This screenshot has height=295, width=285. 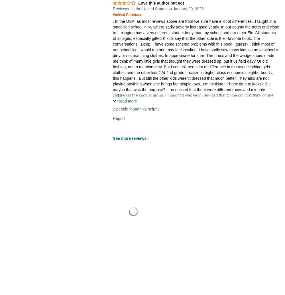 I want to click on '. In the USA, as most reviews above are from we sure have a lot of differences.. I taught in a small tien school in Ky where sadly poverty increased yearly. In our county the north end close to Lexington has a very different student body than my school and our other Ele. All students of all ages, especially gifted K kids say that the other side is their favorite book.  The conversations.. Deep. I have some schema problems with this book I guess? I think most of our school kids would too and may feel insulted. I have sadly saw many kids come to school in dirty or not matching clothes. In appropriate for sure. The dress and the wedge shoes made me think of many little girls that thought they were dressed up, but it us field day? Or old fashion, not to mention dirty. But I couldn't  see a lot of difference in the used clothing girls clothes and the other kids? At 2nd grade I realize in higher class economic neighborhoods, this happens.. But still the other kids weren't dressed that much better. They also are not playing anything when she brings her simple toys.. I'm thinking I Phone time to jacks? But maybe that was the purpose? I too noticed that there were different races and minority children in the snobby group. I thought it was very, very sad that Chloe couldn't think of one kind thing to say about anyone when the teacher uses her illustration. I maybe missing some depth in the authors purpose.', so click(x=196, y=64).